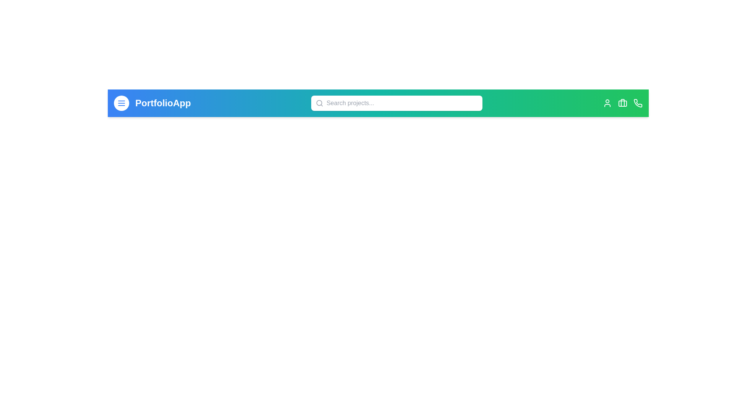  What do you see at coordinates (622, 103) in the screenshot?
I see `the briefcase icon in the app bar` at bounding box center [622, 103].